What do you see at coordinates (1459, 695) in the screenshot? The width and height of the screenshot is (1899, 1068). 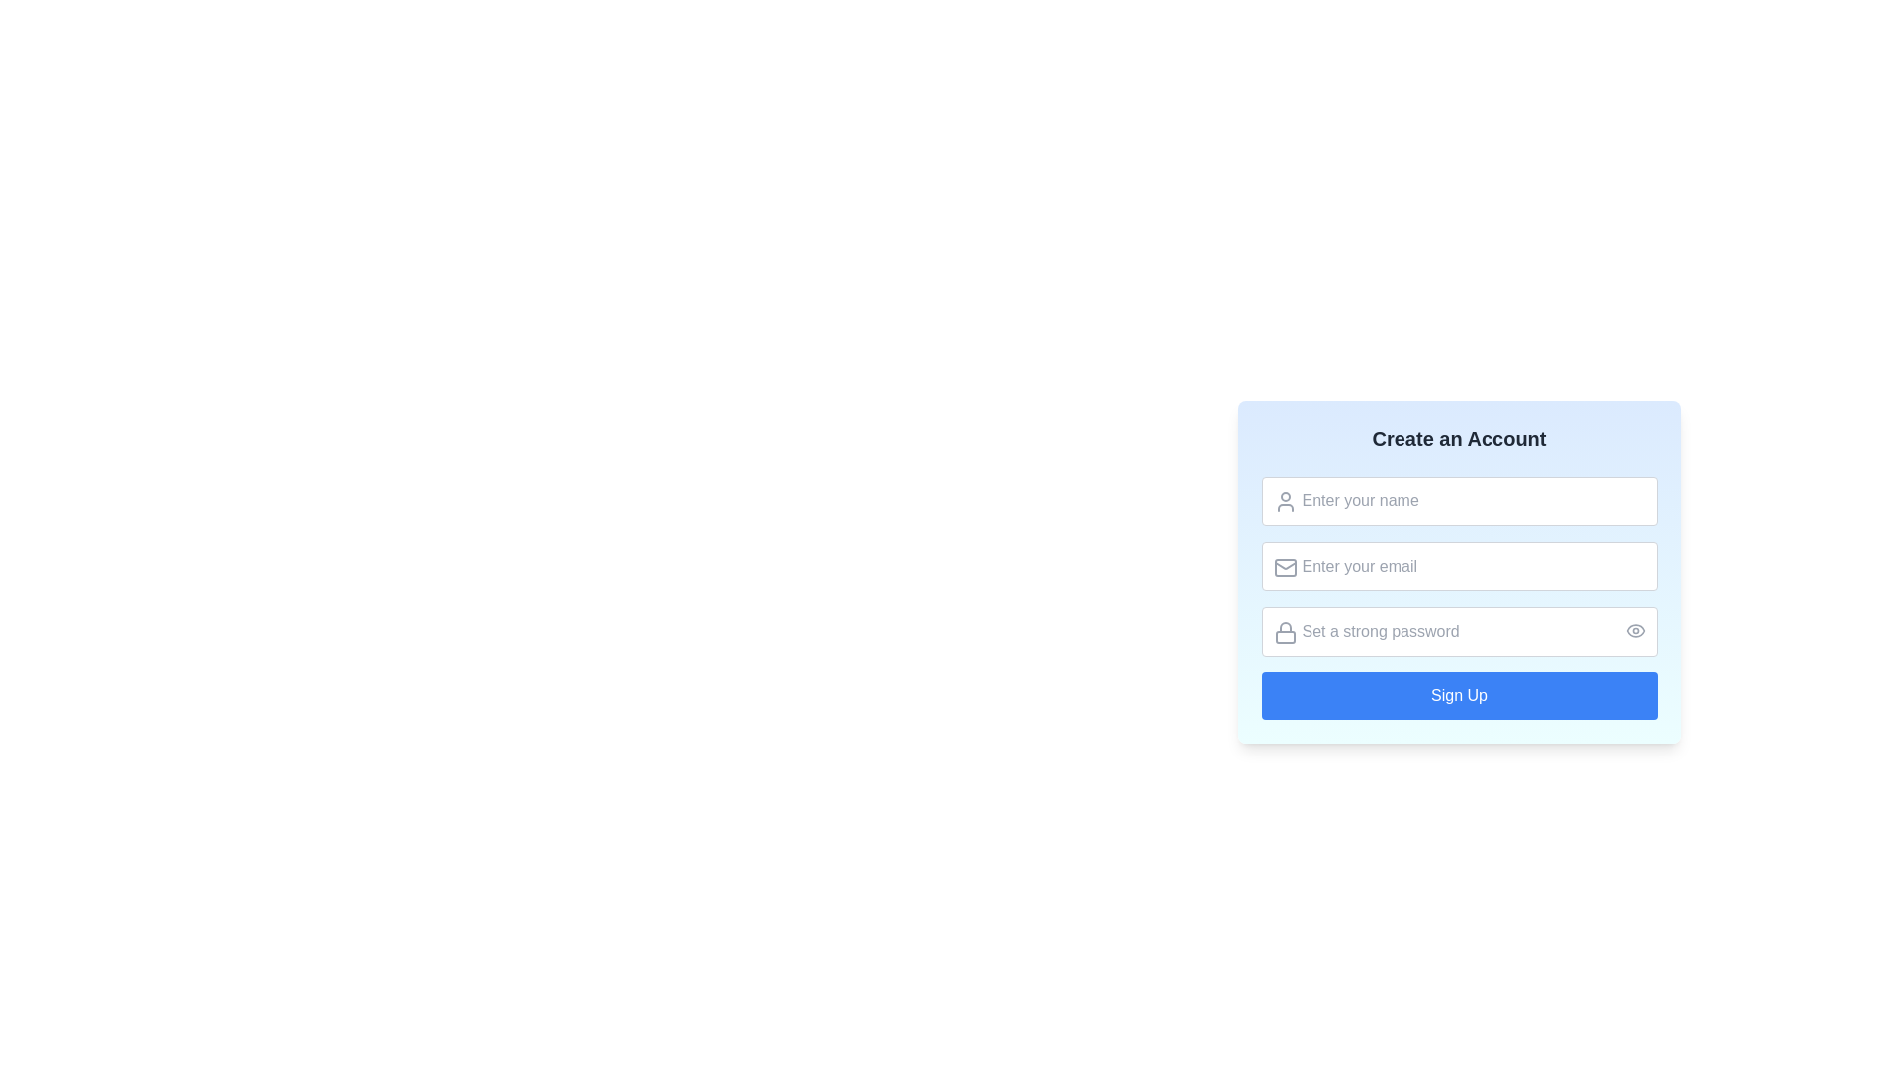 I see `the submission button located at the bottom of the 'Create an Account' form` at bounding box center [1459, 695].